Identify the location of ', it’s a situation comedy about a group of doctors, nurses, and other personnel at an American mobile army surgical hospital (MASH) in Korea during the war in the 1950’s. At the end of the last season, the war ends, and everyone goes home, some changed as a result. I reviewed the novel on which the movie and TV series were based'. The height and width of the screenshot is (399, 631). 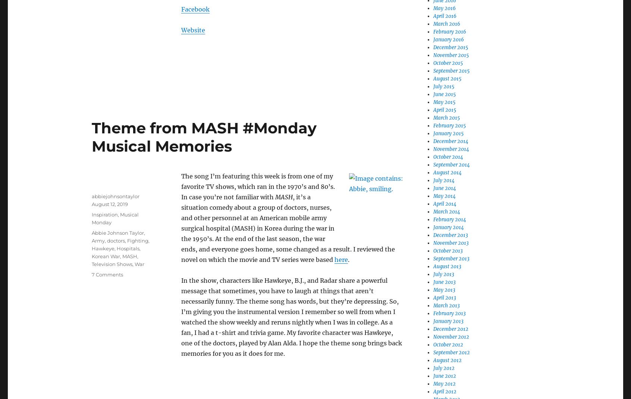
(288, 228).